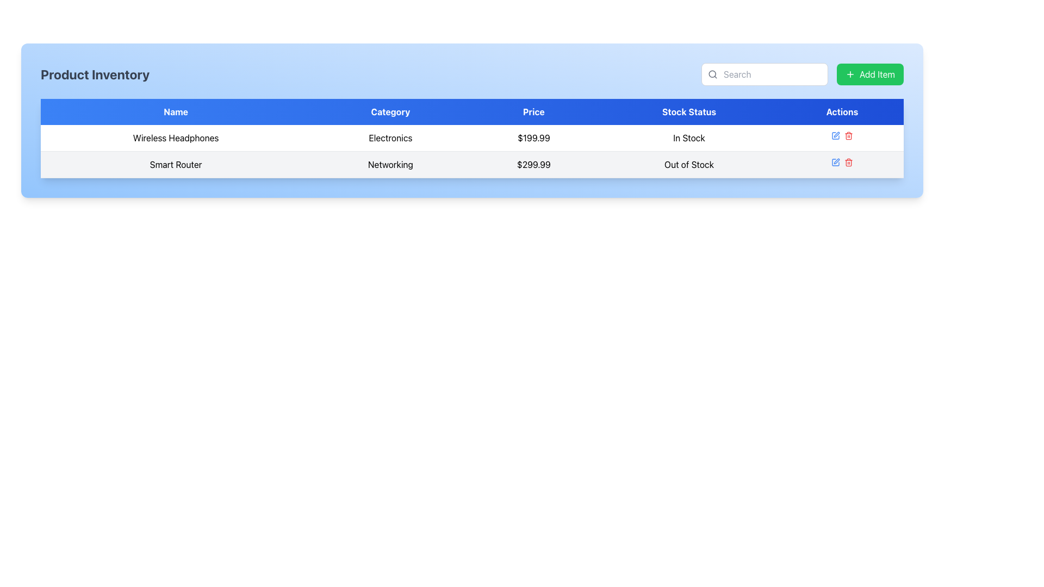  Describe the element at coordinates (848, 163) in the screenshot. I see `the red trash bin icon in the Actions column of the second row in the product inventory table` at that location.